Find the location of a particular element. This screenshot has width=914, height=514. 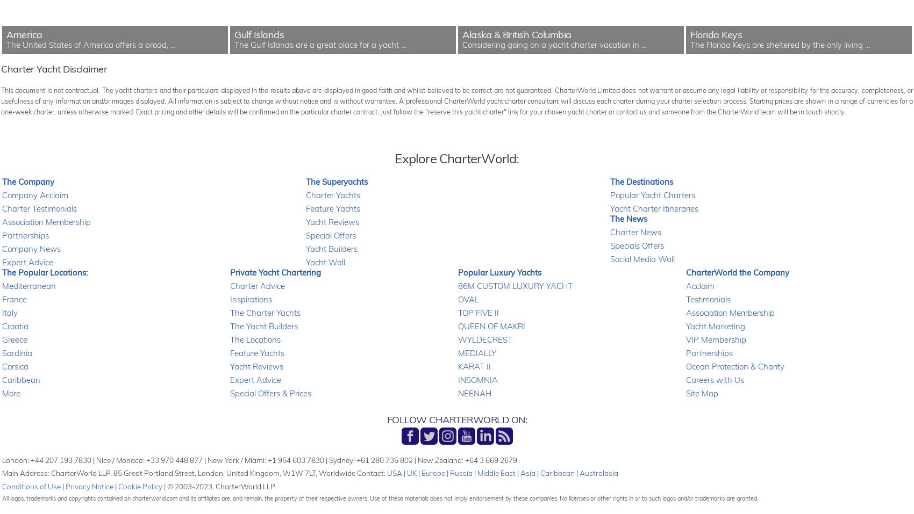

'Charter Advice' is located at coordinates (258, 286).